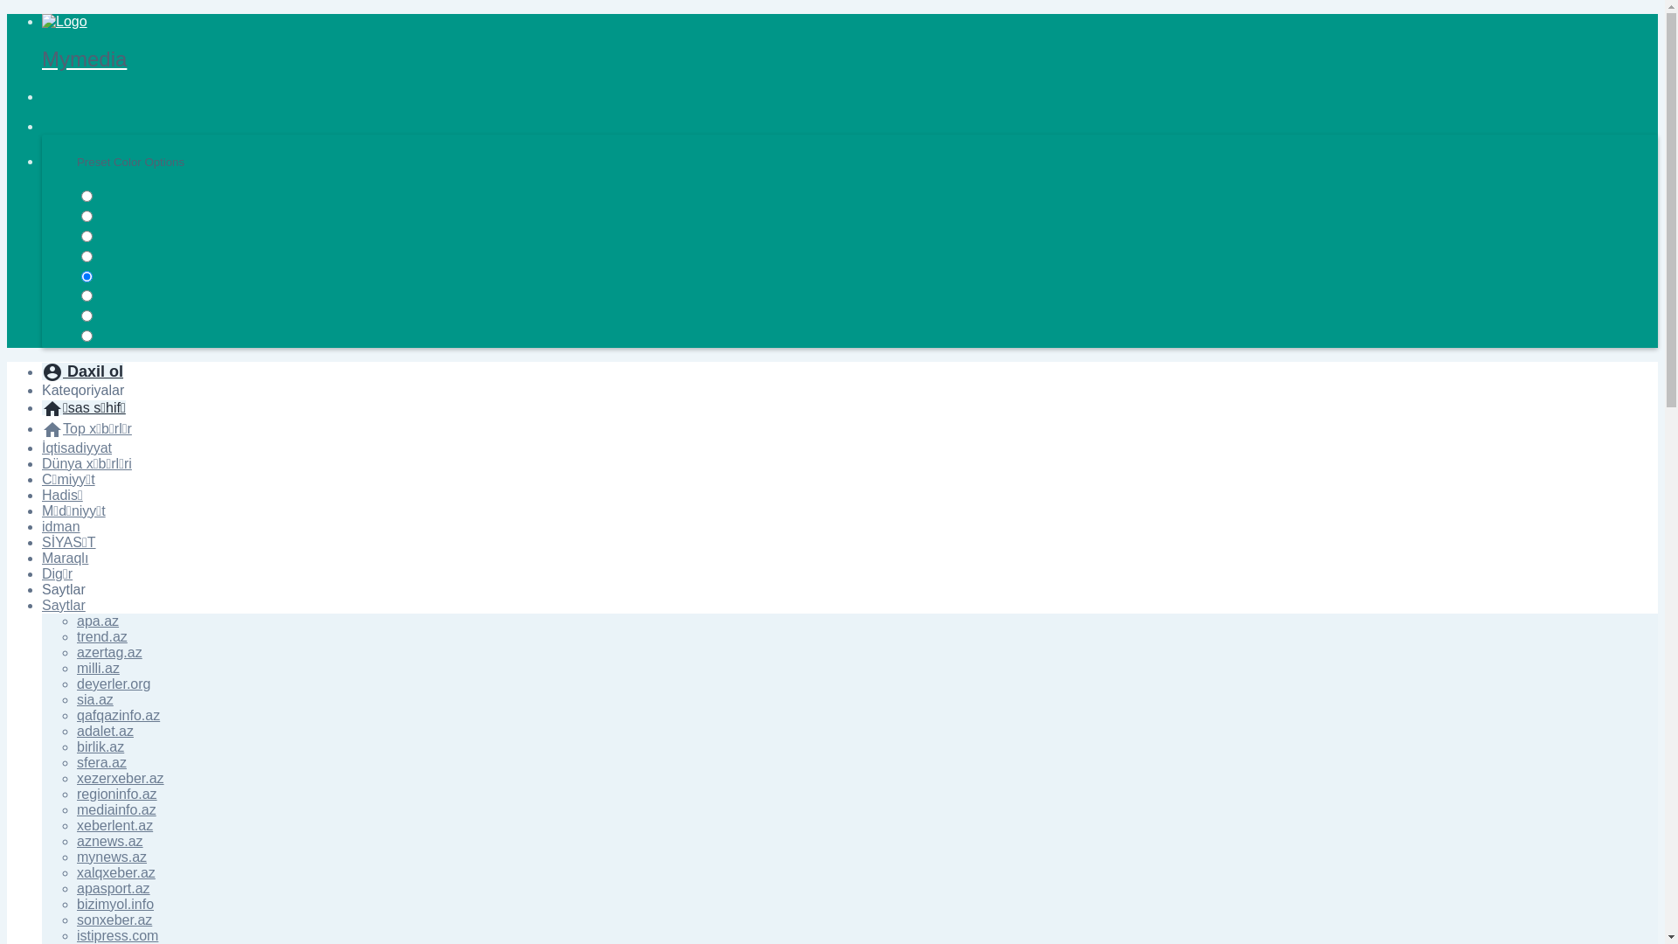  Describe the element at coordinates (75, 794) in the screenshot. I see `'regioninfo.az'` at that location.